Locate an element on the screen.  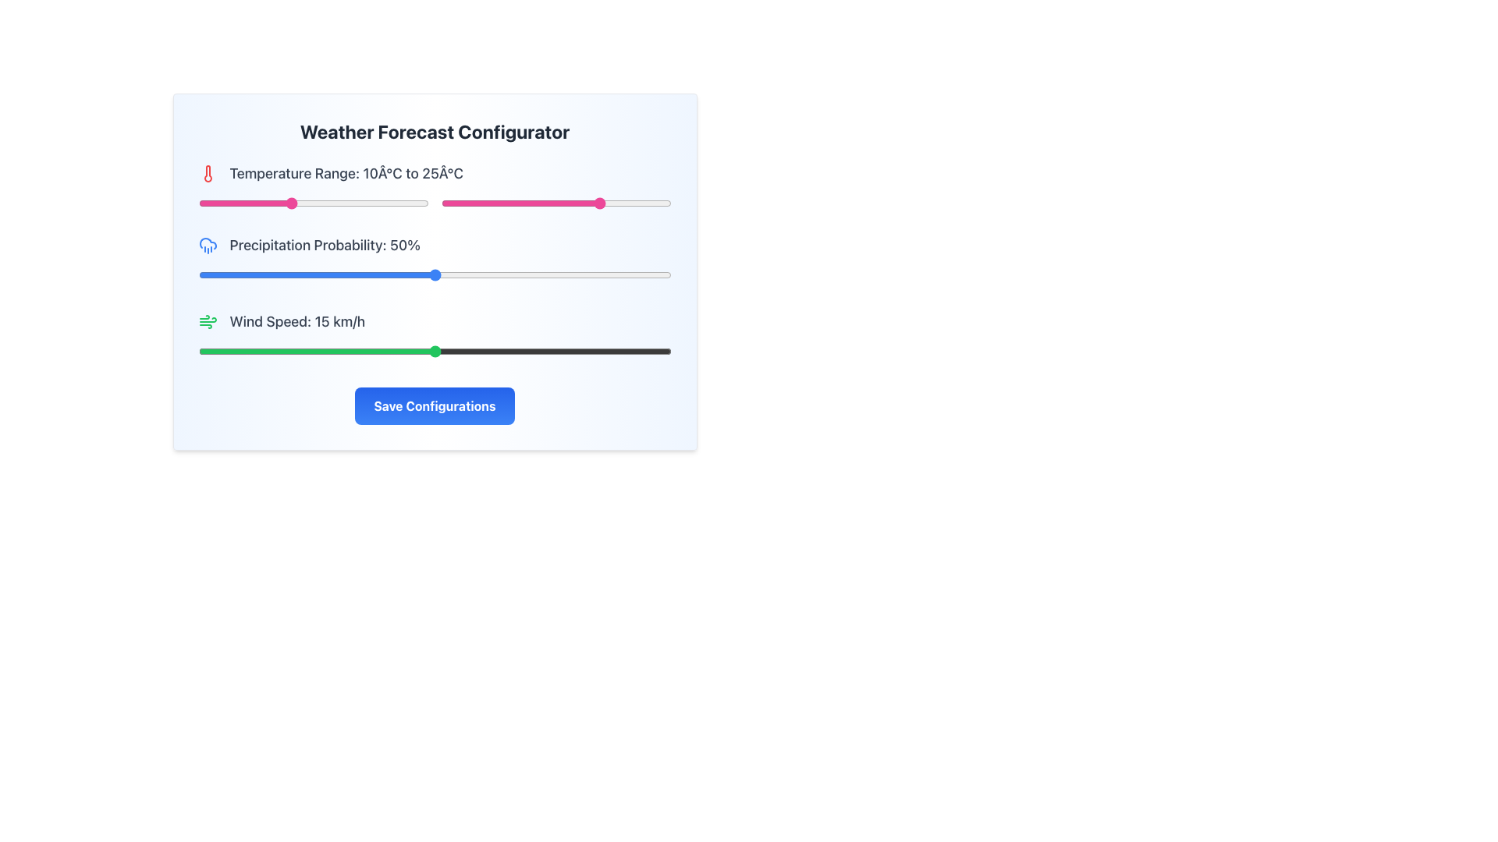
the prominent 'Save Configurations' button with a gradient background below the three sliders is located at coordinates (435, 405).